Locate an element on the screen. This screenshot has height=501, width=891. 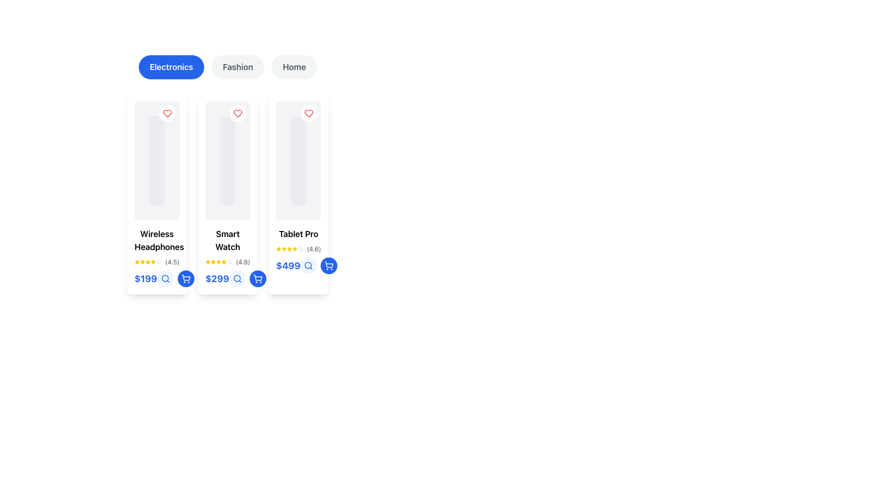
the red heart-shaped icon within the circular button located at the top-right corner of the 'Tablet Pro' product card is located at coordinates (309, 113).